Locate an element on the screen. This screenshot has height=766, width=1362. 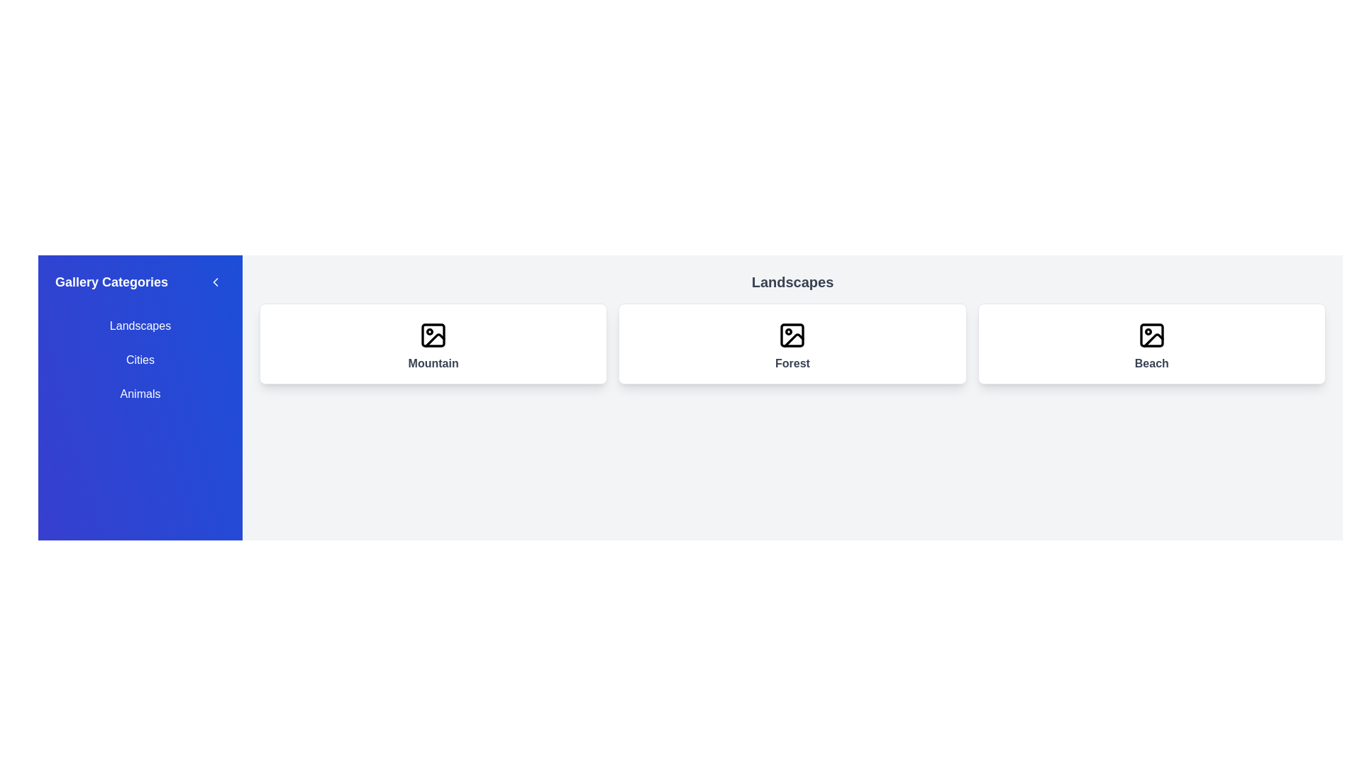
the small left-pointing arrow icon button with a blue background located adjacent to the 'Gallery Categories' section is located at coordinates (214, 282).